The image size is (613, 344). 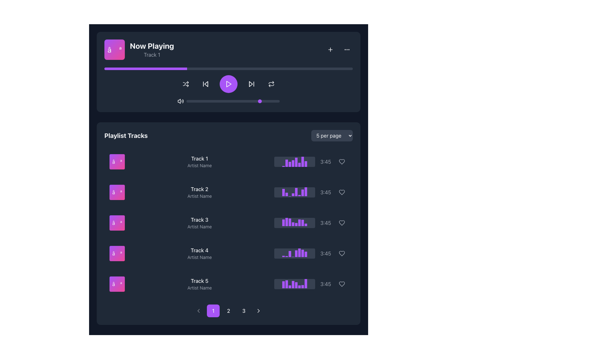 I want to click on the second purple vertical bar in the bar chart located on the right side of the Track 5 row in the playlist section, so click(x=286, y=284).